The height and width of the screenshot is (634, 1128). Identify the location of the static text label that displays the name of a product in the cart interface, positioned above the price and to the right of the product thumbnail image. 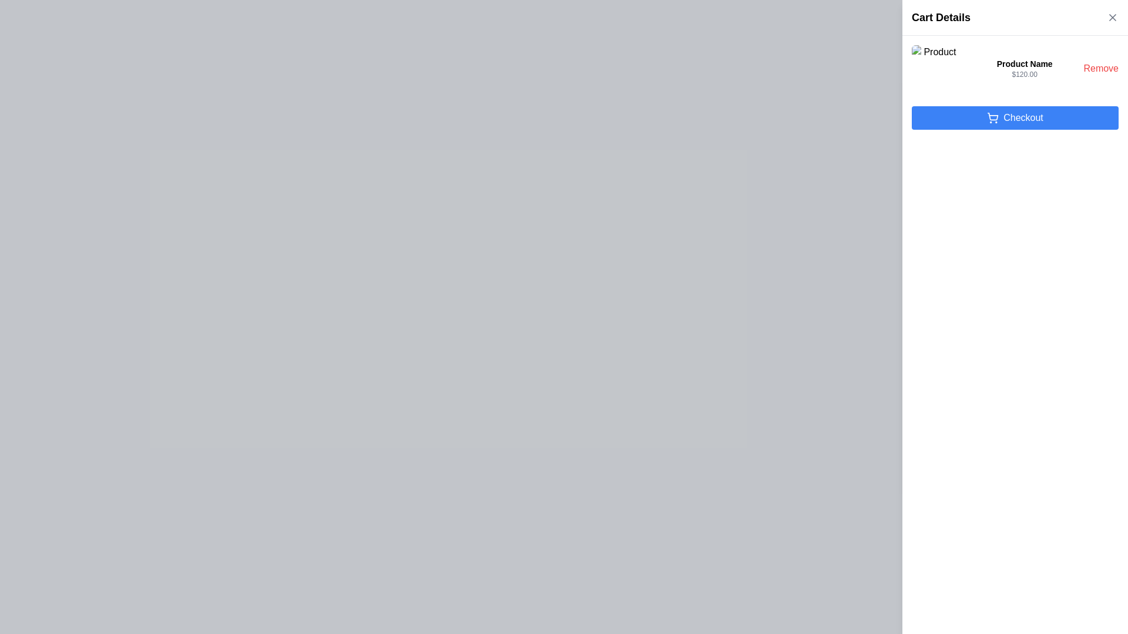
(1024, 63).